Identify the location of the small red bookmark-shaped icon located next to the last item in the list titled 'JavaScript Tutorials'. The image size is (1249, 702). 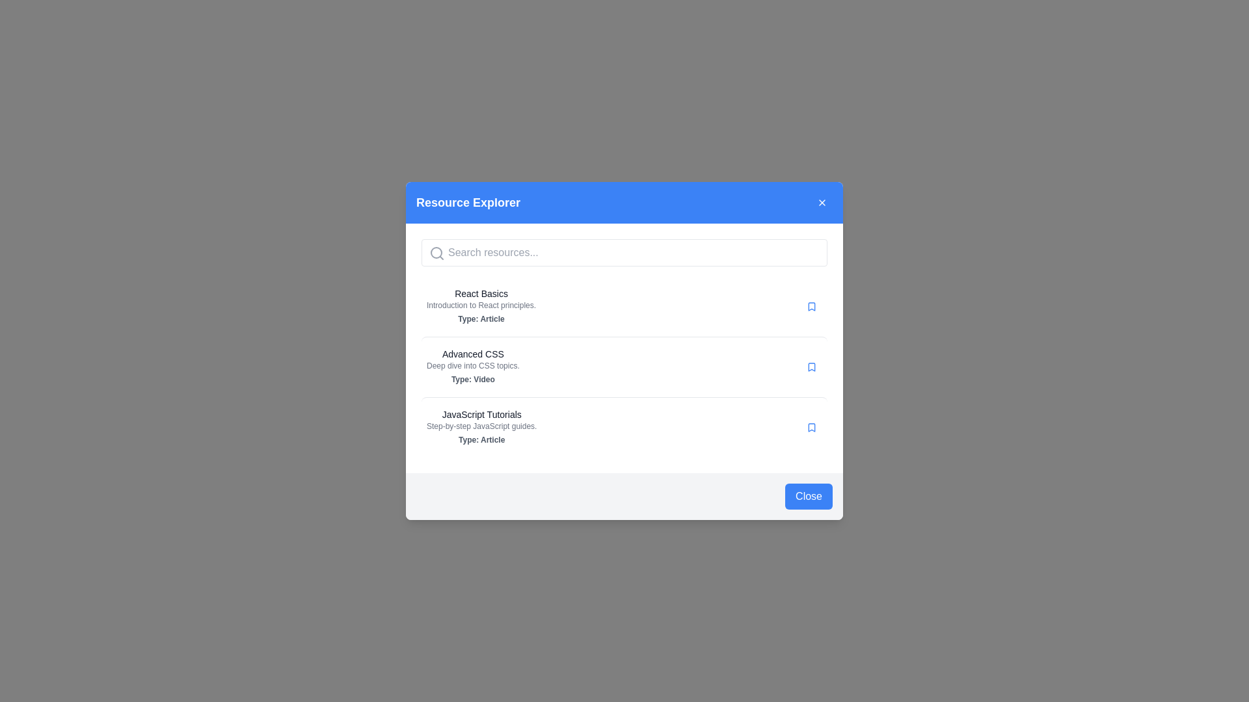
(811, 428).